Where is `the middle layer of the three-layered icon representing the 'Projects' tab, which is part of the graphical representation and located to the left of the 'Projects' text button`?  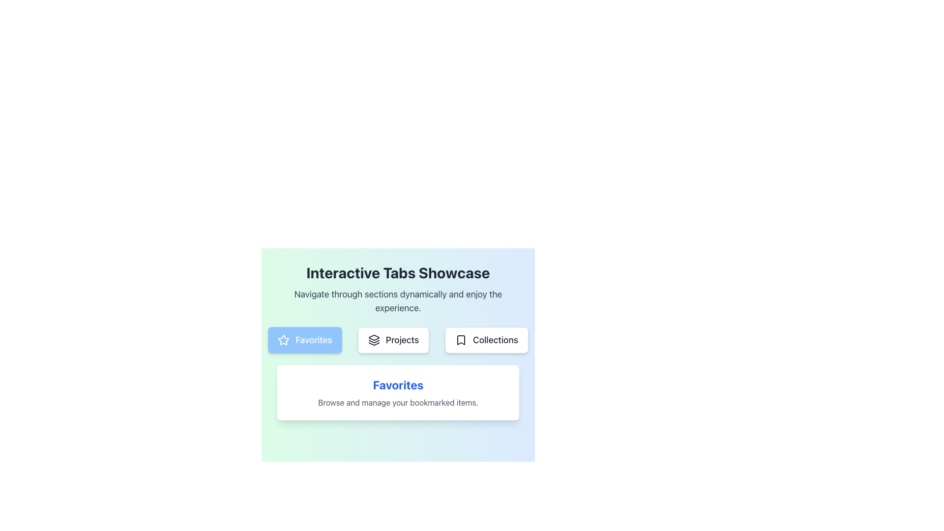 the middle layer of the three-layered icon representing the 'Projects' tab, which is part of the graphical representation and located to the left of the 'Projects' text button is located at coordinates (373, 341).